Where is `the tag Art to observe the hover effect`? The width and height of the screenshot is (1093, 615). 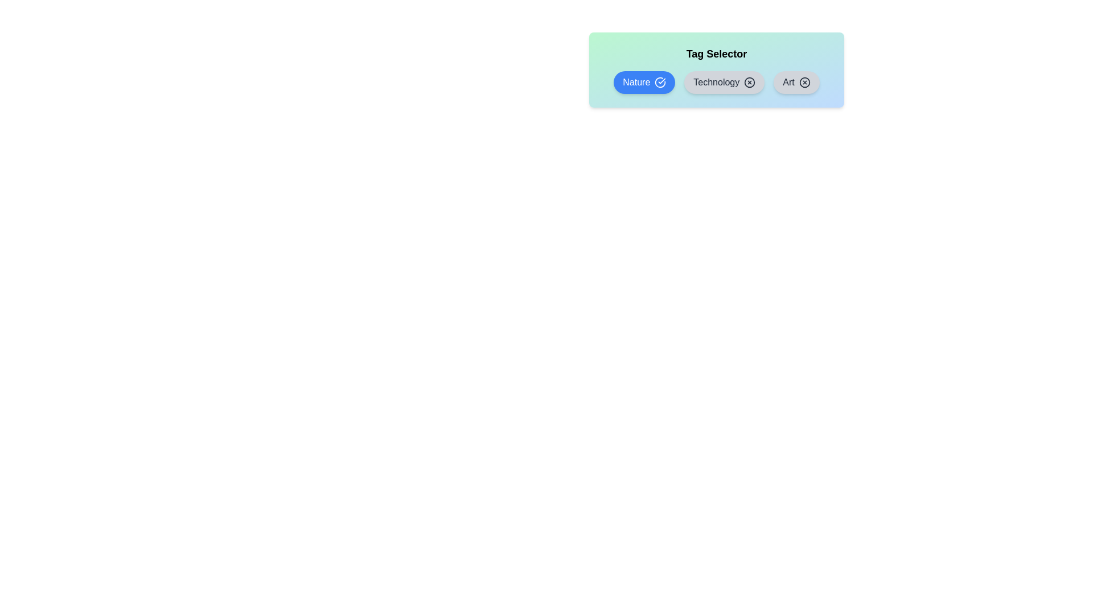 the tag Art to observe the hover effect is located at coordinates (795, 82).